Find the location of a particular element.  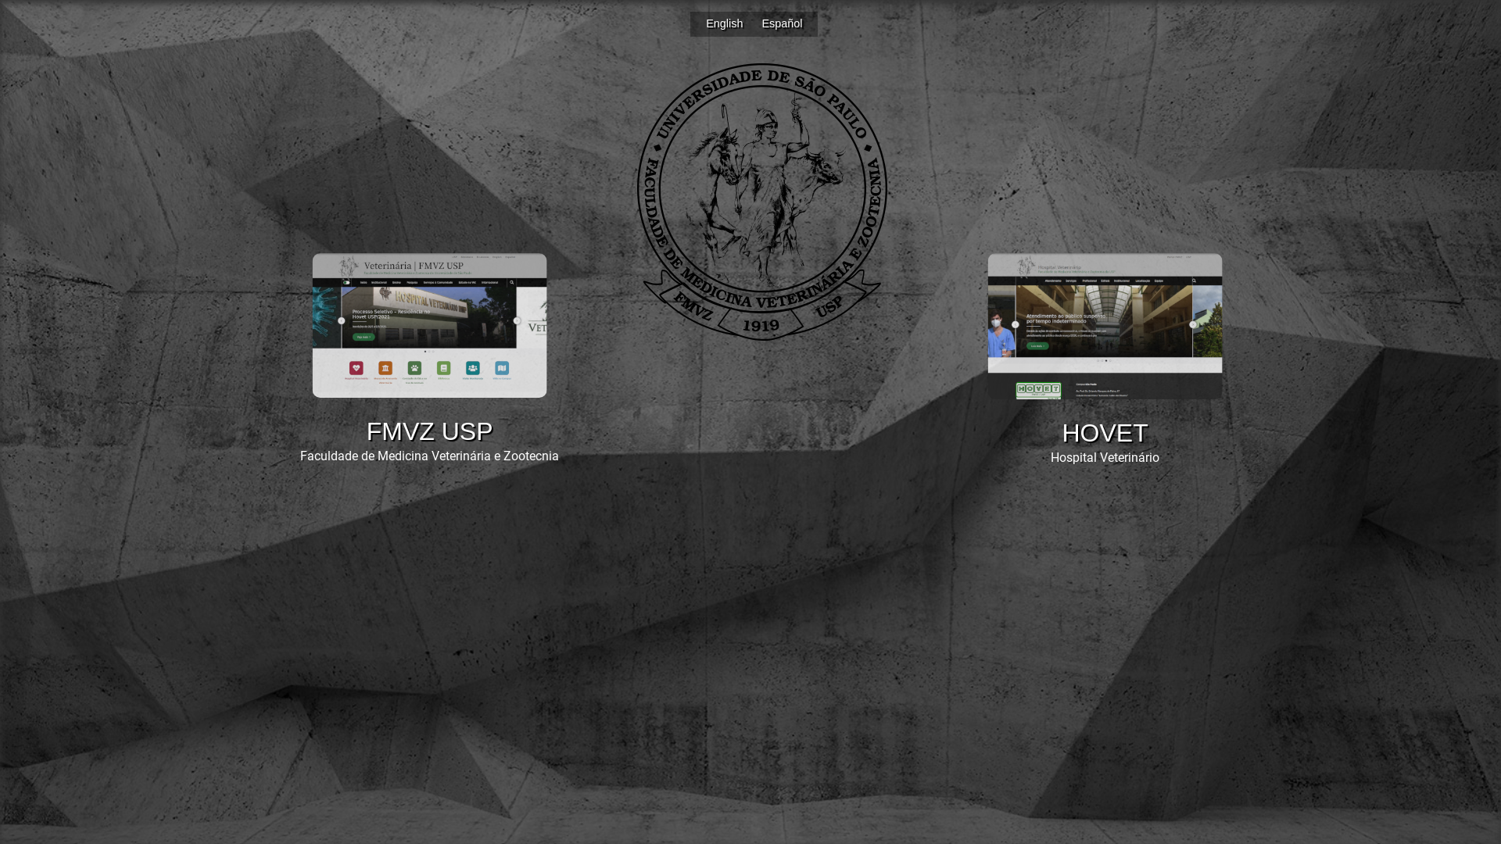

'English' is located at coordinates (725, 23).